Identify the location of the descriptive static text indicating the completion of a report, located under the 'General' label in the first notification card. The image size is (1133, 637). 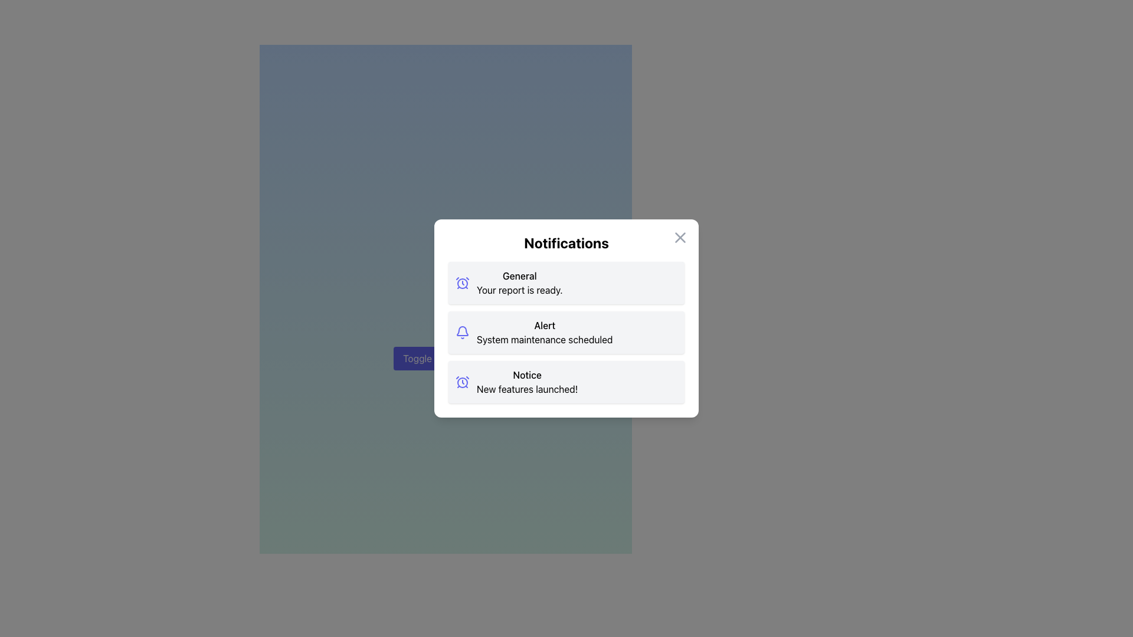
(519, 290).